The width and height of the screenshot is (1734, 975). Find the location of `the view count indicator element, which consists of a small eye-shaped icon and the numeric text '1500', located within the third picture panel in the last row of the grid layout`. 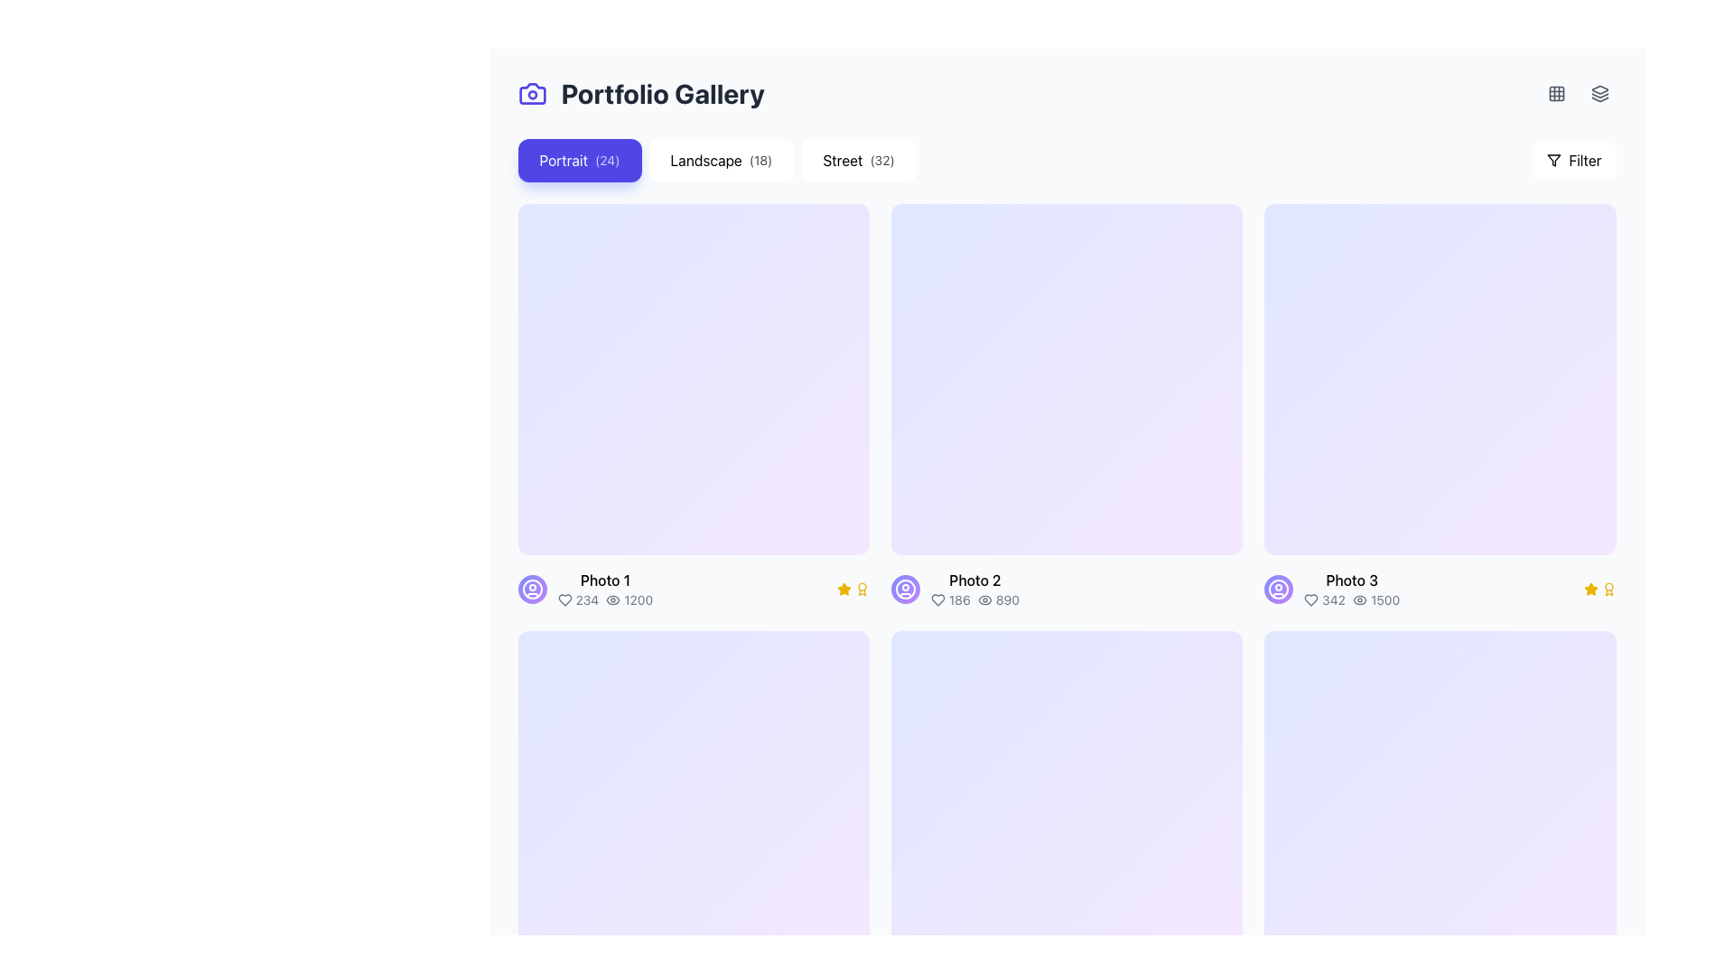

the view count indicator element, which consists of a small eye-shaped icon and the numeric text '1500', located within the third picture panel in the last row of the grid layout is located at coordinates (1375, 600).